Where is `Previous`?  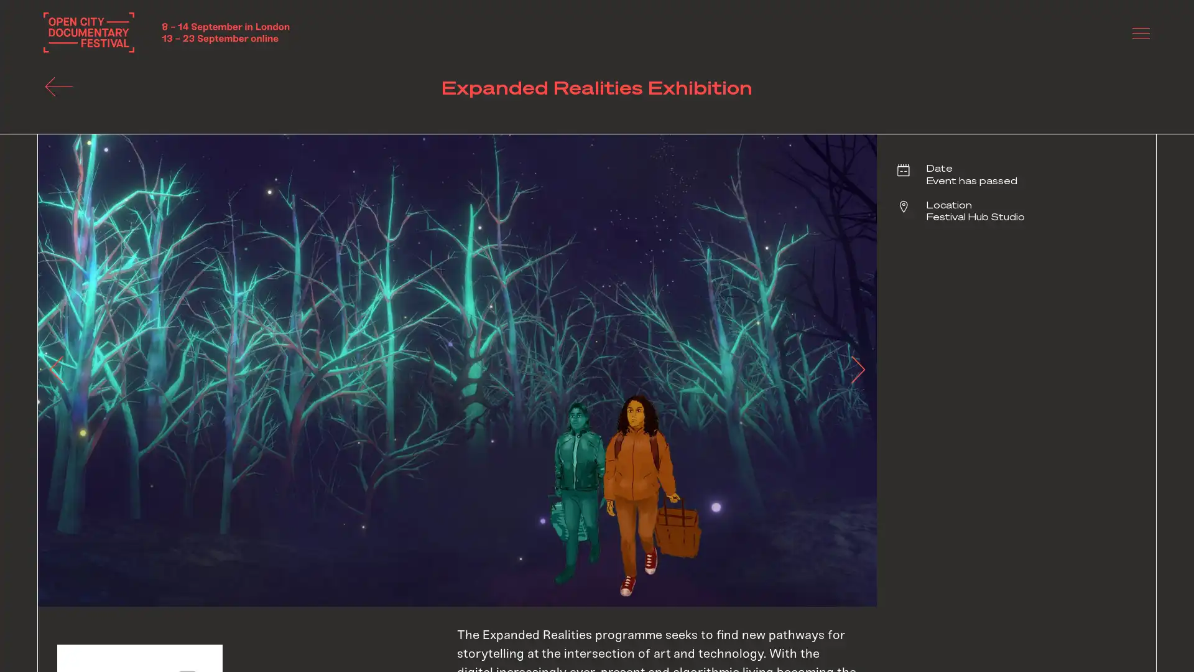 Previous is located at coordinates (62, 369).